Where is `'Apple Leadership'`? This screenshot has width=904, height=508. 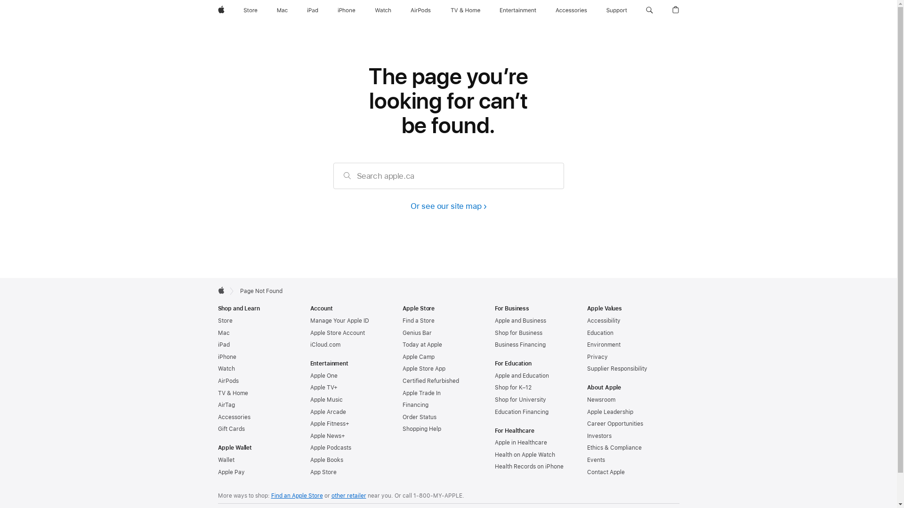 'Apple Leadership' is located at coordinates (586, 411).